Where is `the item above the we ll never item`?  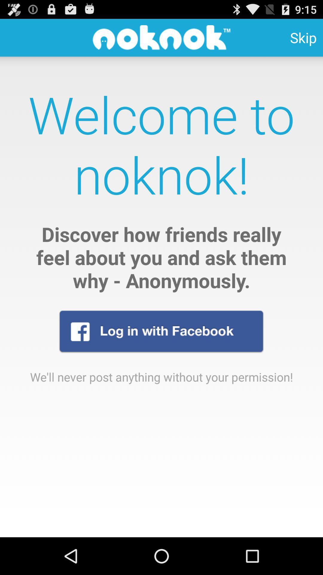 the item above the we ll never item is located at coordinates (161, 331).